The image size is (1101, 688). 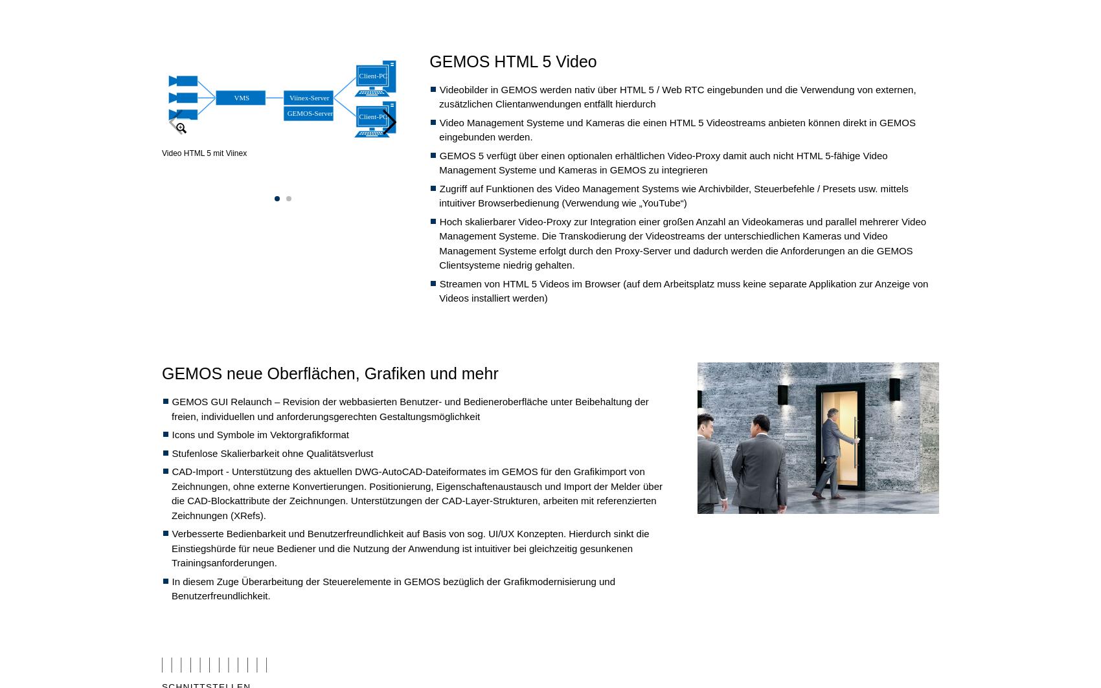 I want to click on 'Videobilder in GEMOS werden nativ über HTML 5 / Web RTC eingebunden und die Verwendung von externen, zusätzlichen Clientanwendungen entfällt hierdurch', so click(x=438, y=96).